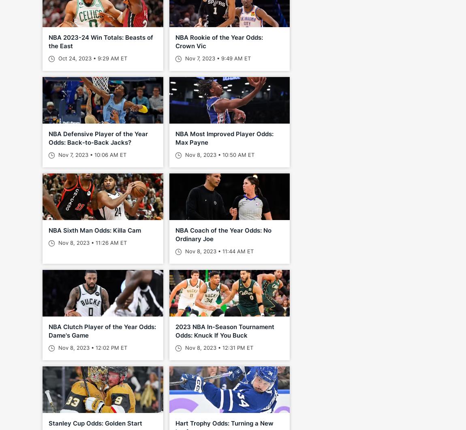  I want to click on 'NBA Most Improved Player Odds: Max Payne', so click(224, 138).